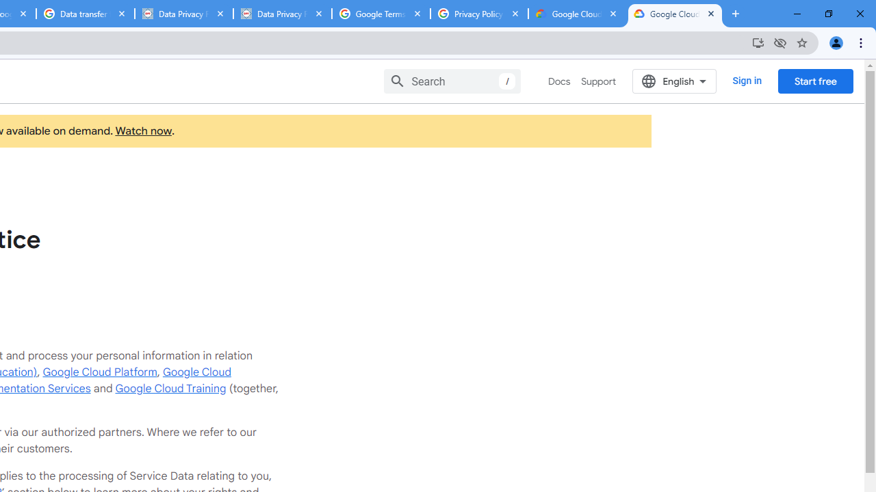  What do you see at coordinates (675, 14) in the screenshot?
I see `'Google Cloud Privacy Notice'` at bounding box center [675, 14].